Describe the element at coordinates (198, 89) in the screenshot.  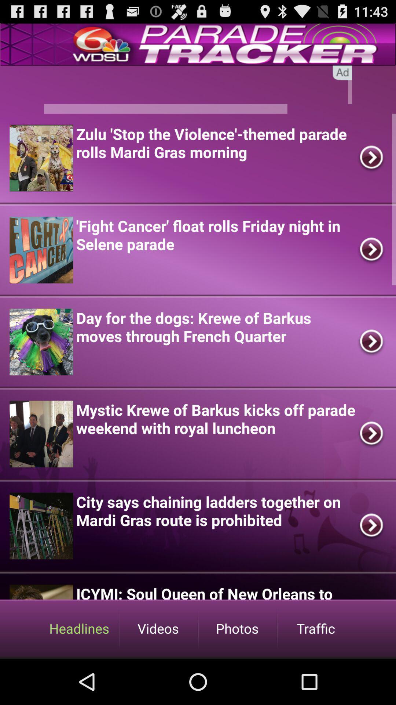
I see `advertisement portion` at that location.